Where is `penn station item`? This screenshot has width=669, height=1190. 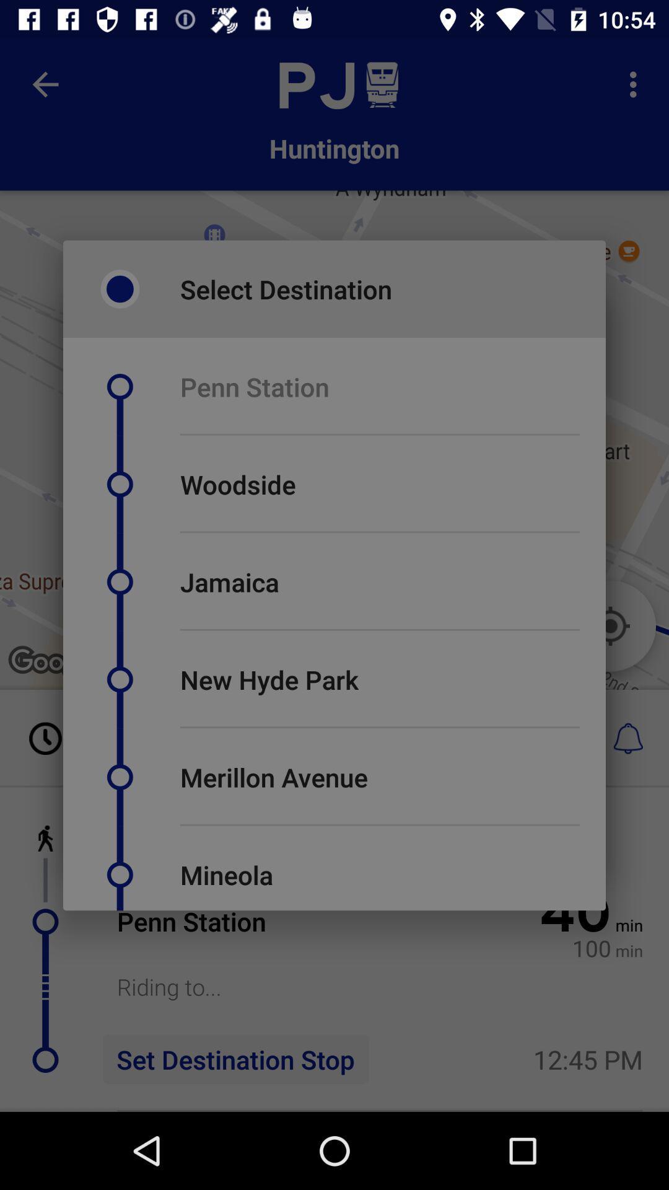 penn station item is located at coordinates (254, 386).